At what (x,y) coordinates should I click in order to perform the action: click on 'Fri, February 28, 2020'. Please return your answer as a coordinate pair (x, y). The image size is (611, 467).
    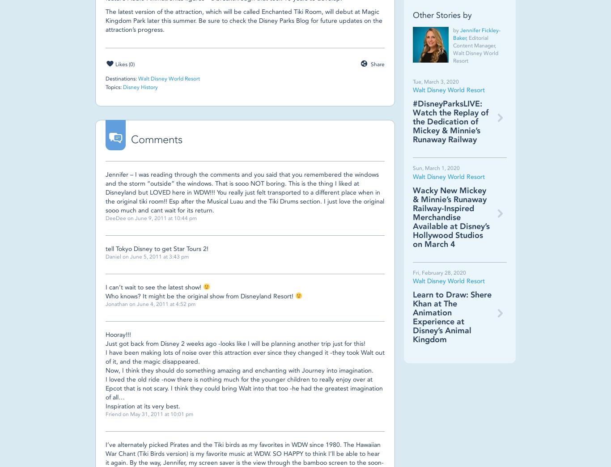
    Looking at the image, I should click on (439, 272).